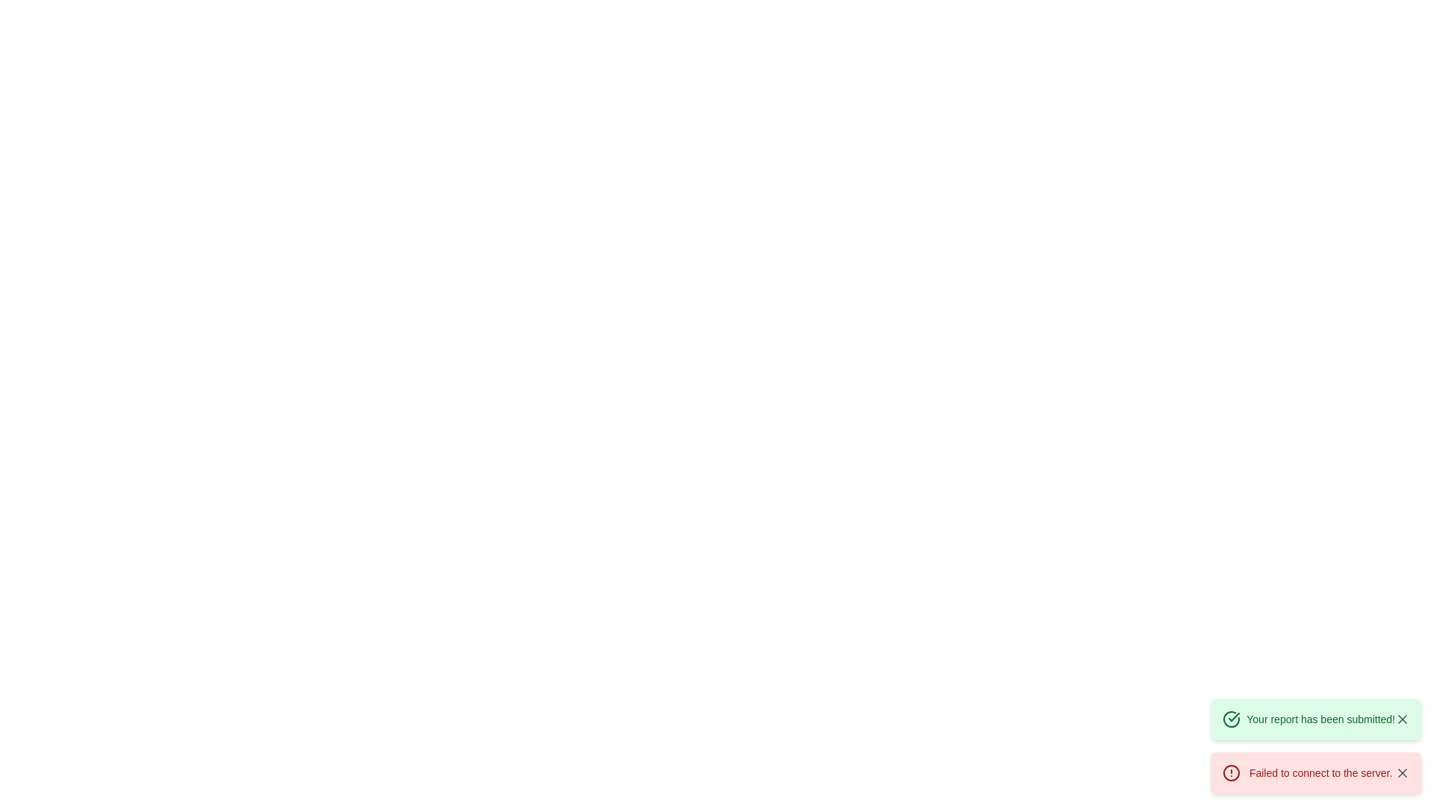  What do you see at coordinates (1315, 719) in the screenshot?
I see `the close icon on the green notification banner that reads 'Your report has been submitted!'` at bounding box center [1315, 719].